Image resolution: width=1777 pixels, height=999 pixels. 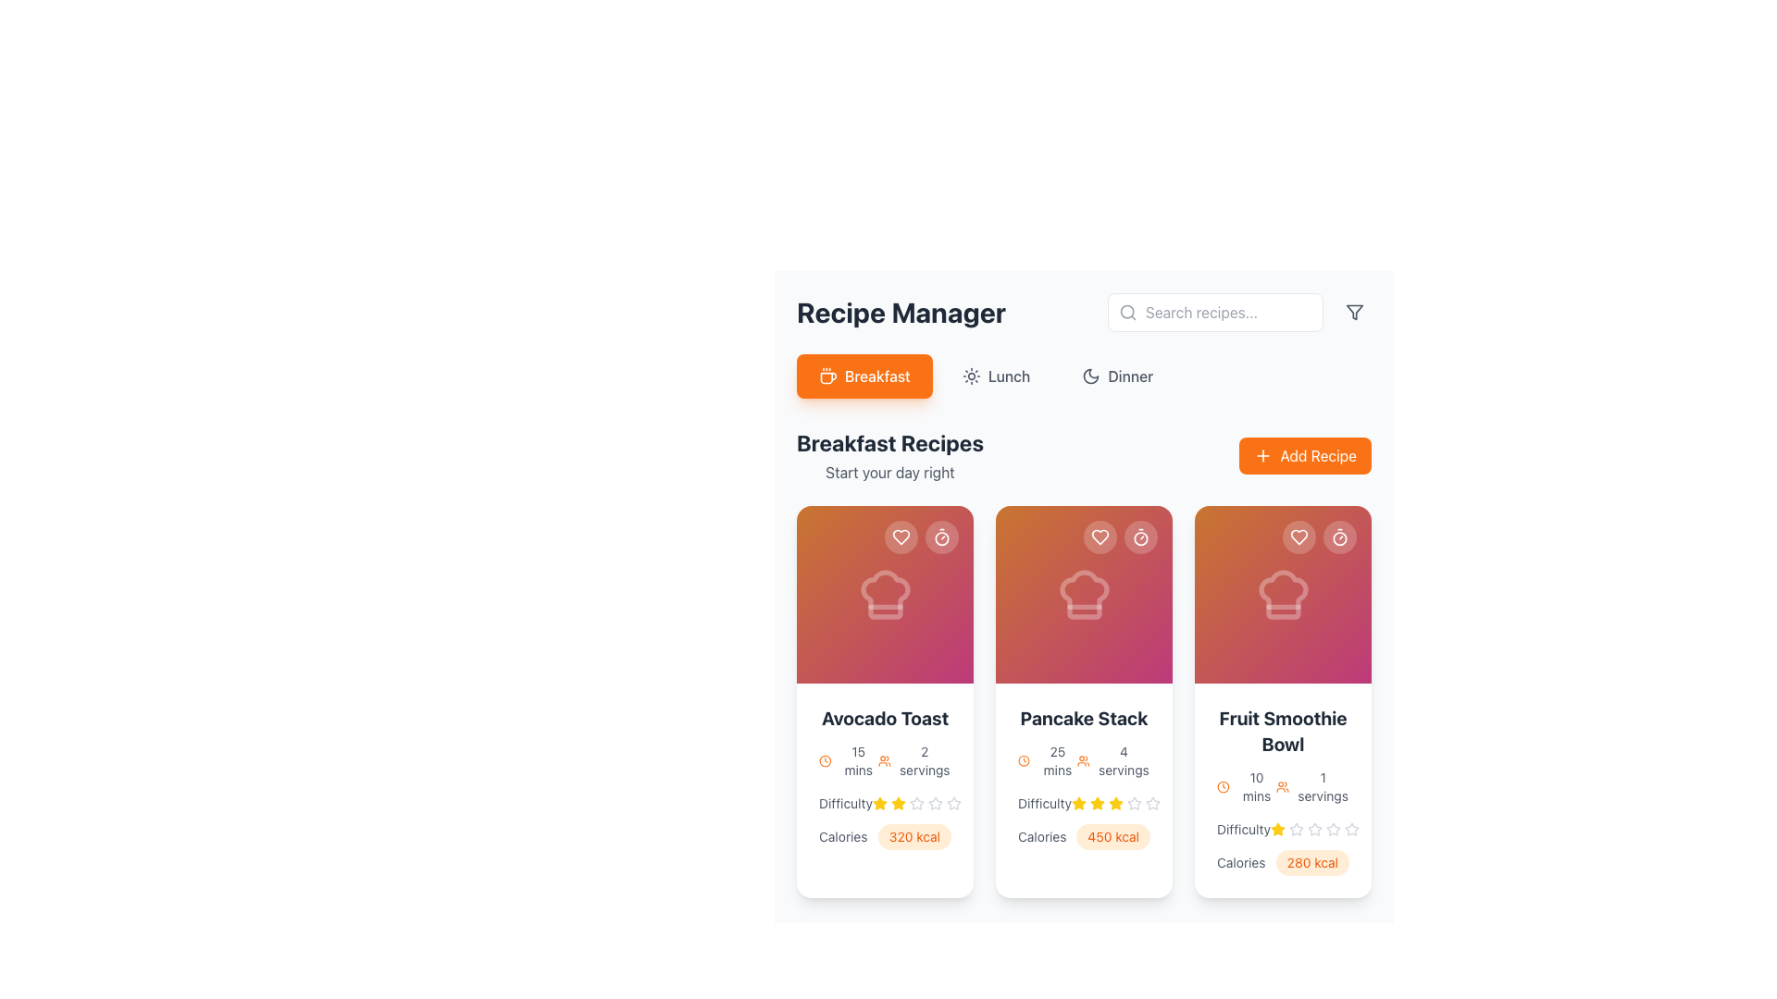 I want to click on the 'Calories' informational label displaying '450 kcal' in the 'Pancake Stack' recipe card, so click(x=1084, y=837).